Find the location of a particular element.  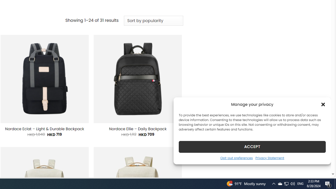

'Class: cmplz-close' is located at coordinates (323, 104).